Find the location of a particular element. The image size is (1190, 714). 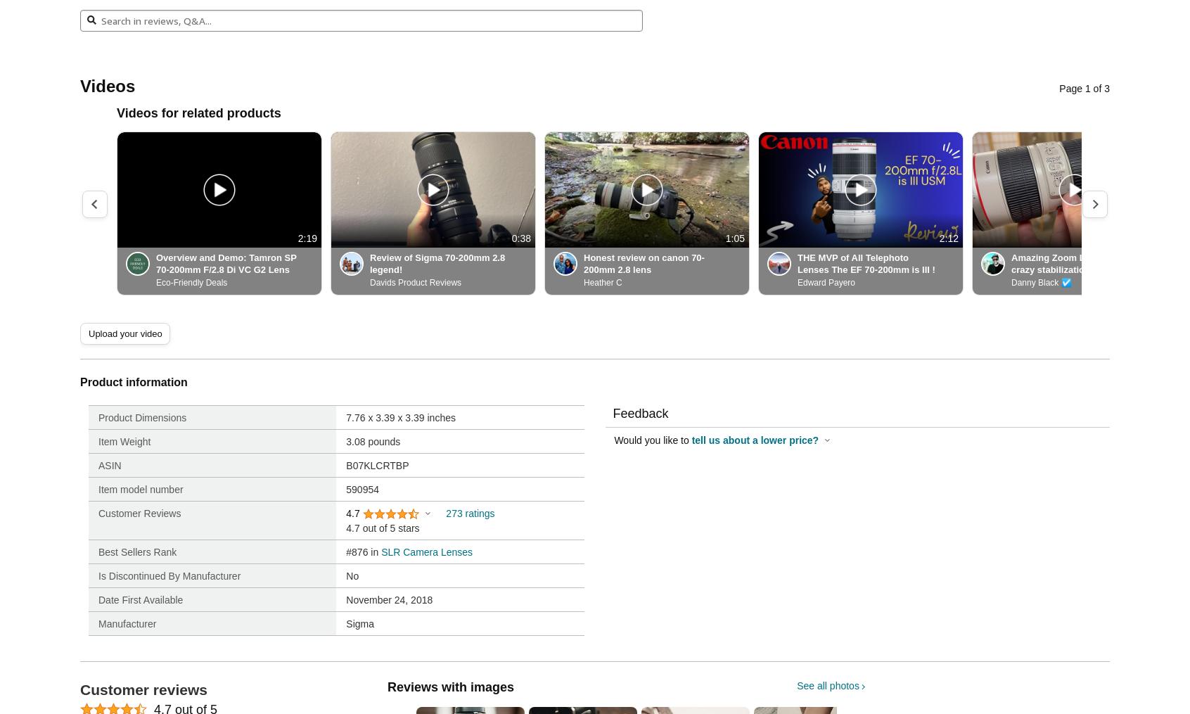

'Is Discontinued By Manufacturer' is located at coordinates (169, 575).